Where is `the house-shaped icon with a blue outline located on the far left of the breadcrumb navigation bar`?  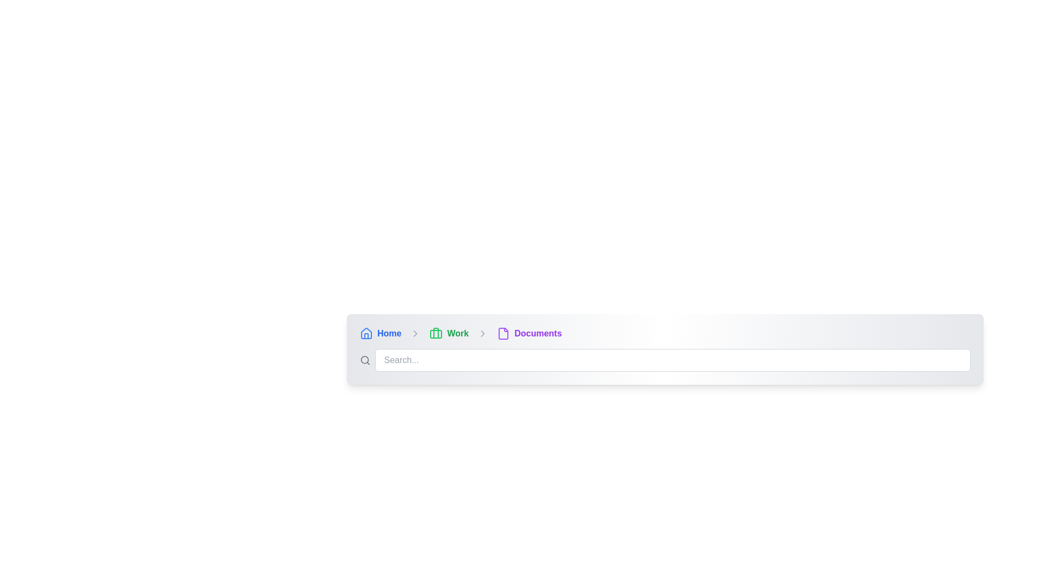 the house-shaped icon with a blue outline located on the far left of the breadcrumb navigation bar is located at coordinates (366, 333).